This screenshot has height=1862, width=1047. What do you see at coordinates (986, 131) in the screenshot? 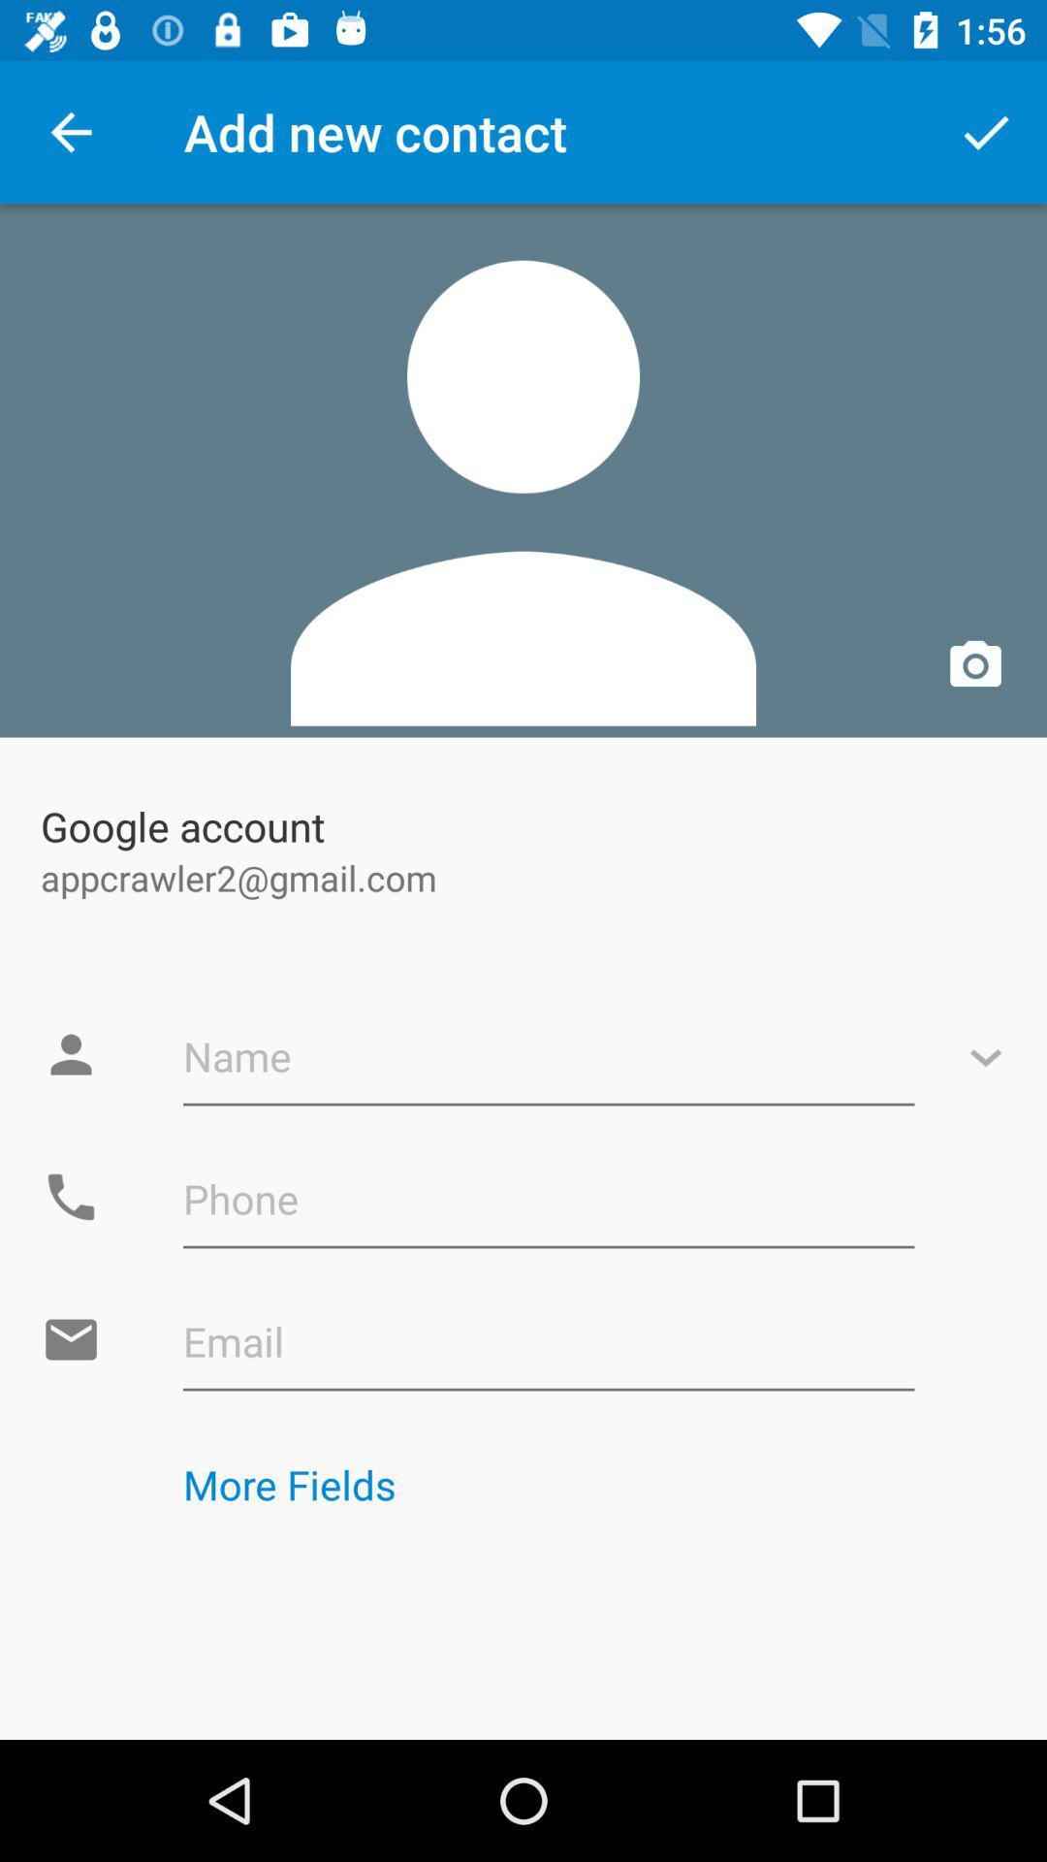
I see `app to the right of add new contact` at bounding box center [986, 131].